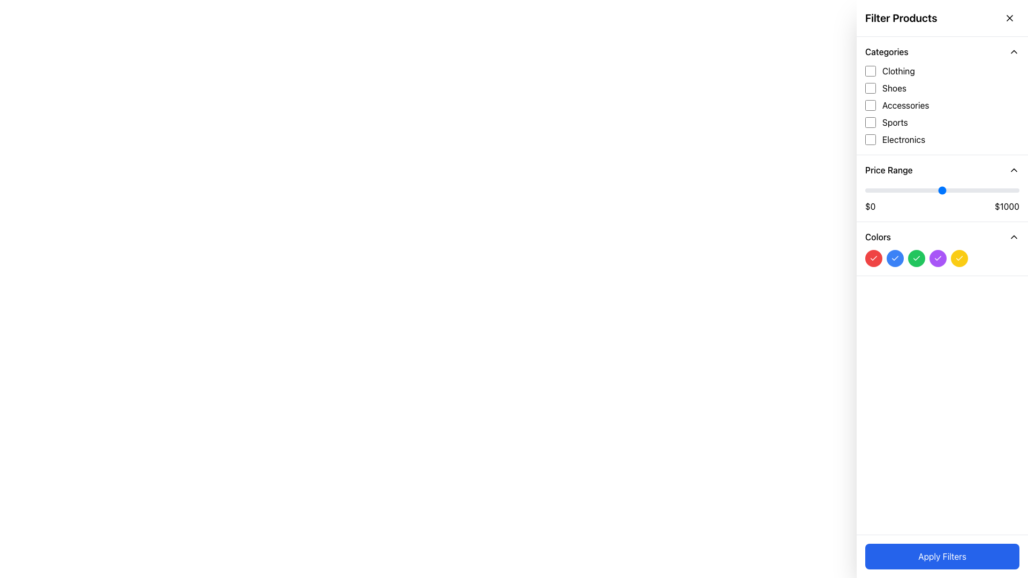 The width and height of the screenshot is (1028, 578). Describe the element at coordinates (874, 258) in the screenshot. I see `the red circular color selector button containing a small white checkmark icon, located in the 'Colors' section of the sidebar, which is the first button on the far left` at that location.